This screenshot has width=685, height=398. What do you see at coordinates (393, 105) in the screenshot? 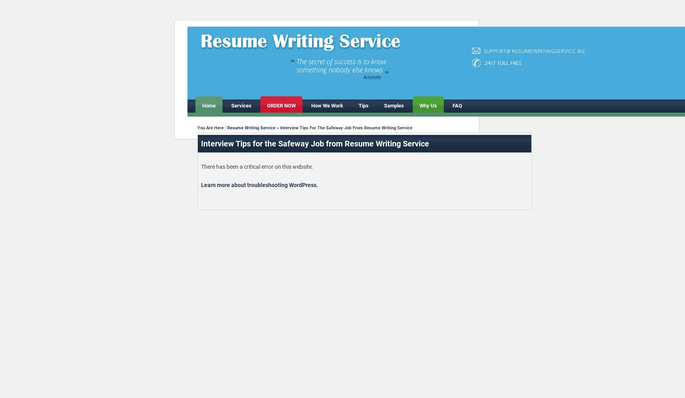
I see `'Samples'` at bounding box center [393, 105].